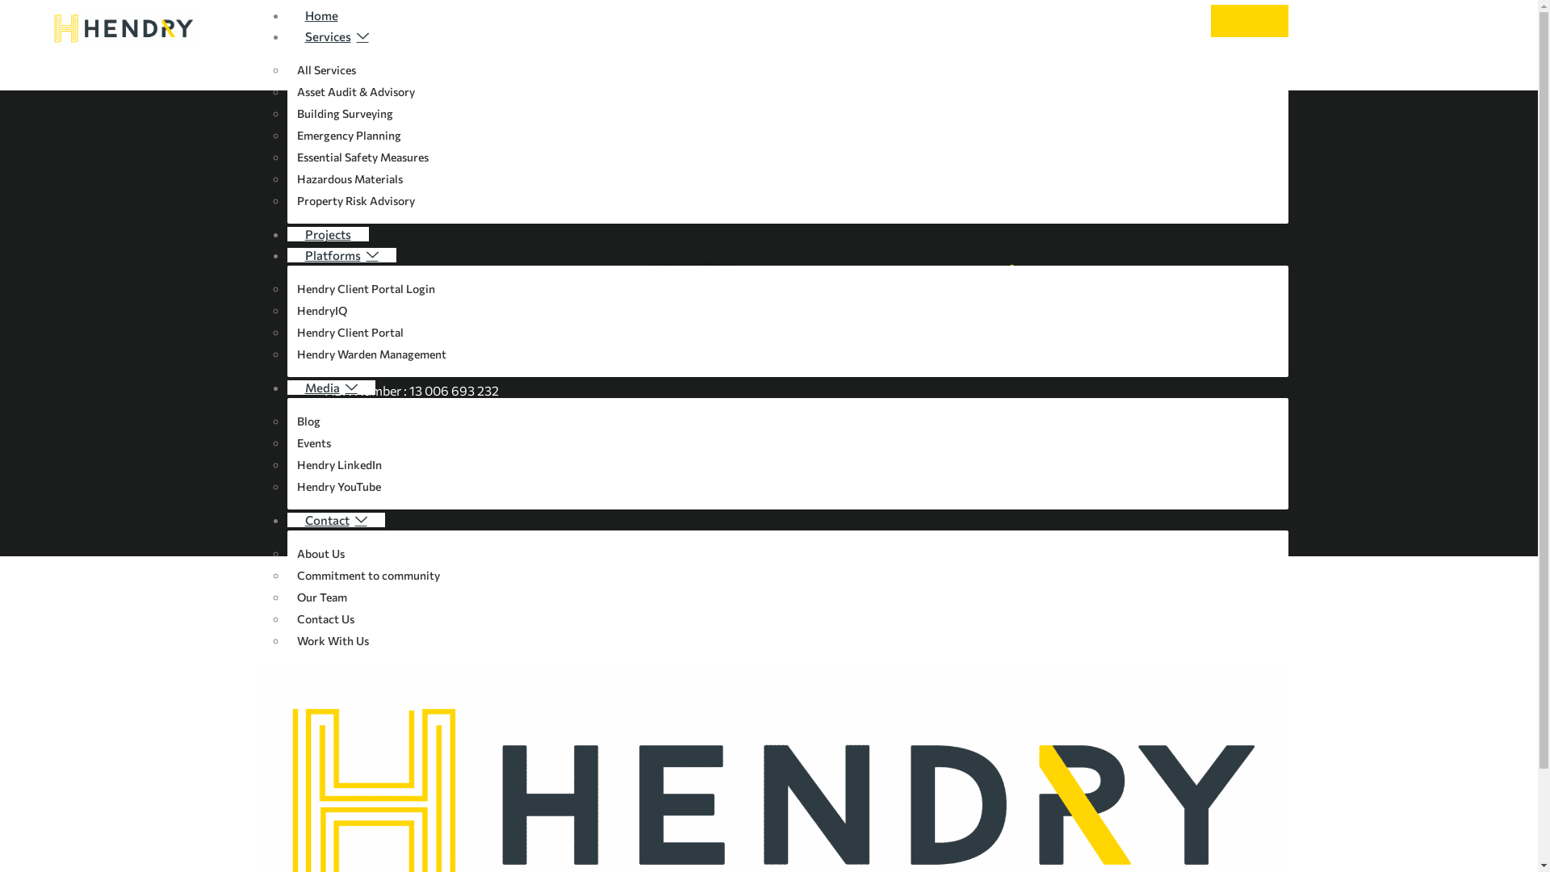  I want to click on 'Contact', so click(287, 520).